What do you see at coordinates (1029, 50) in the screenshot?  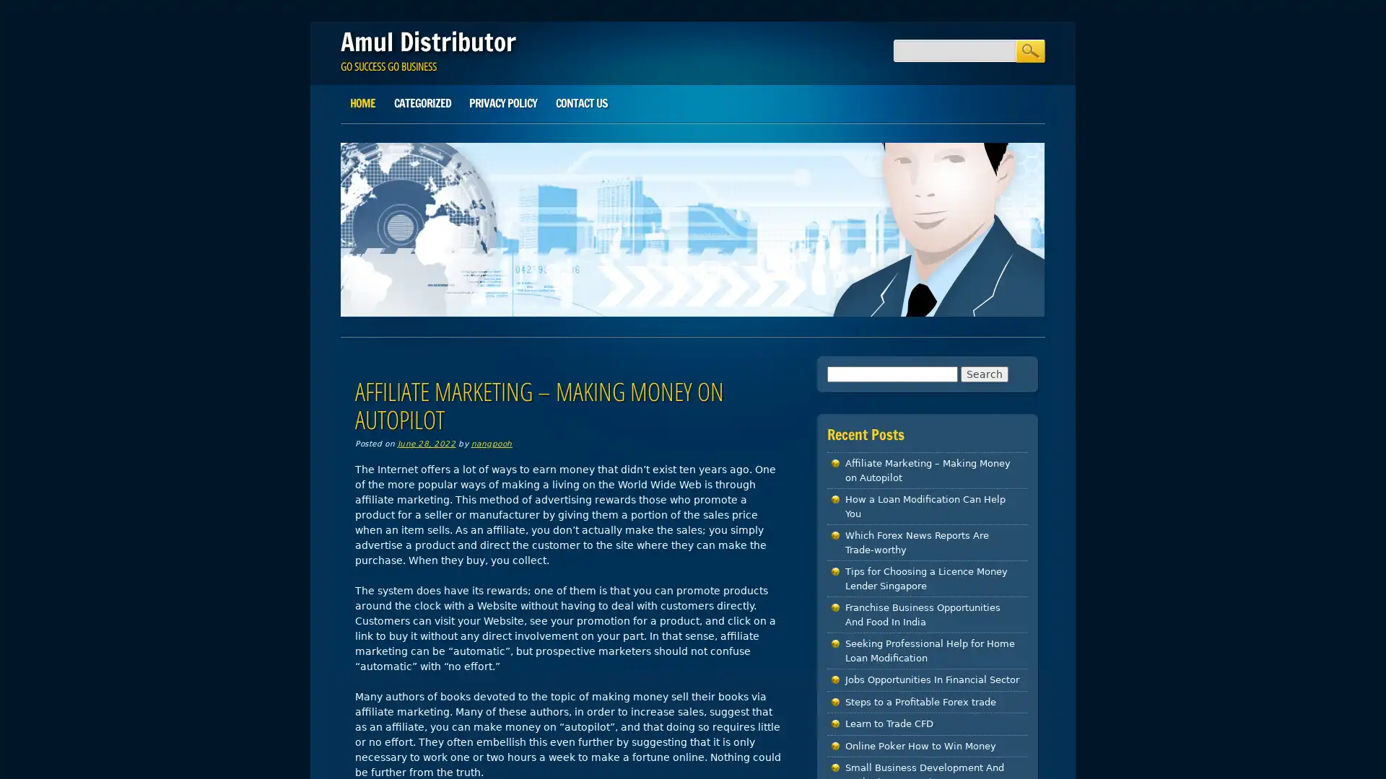 I see `Search` at bounding box center [1029, 50].